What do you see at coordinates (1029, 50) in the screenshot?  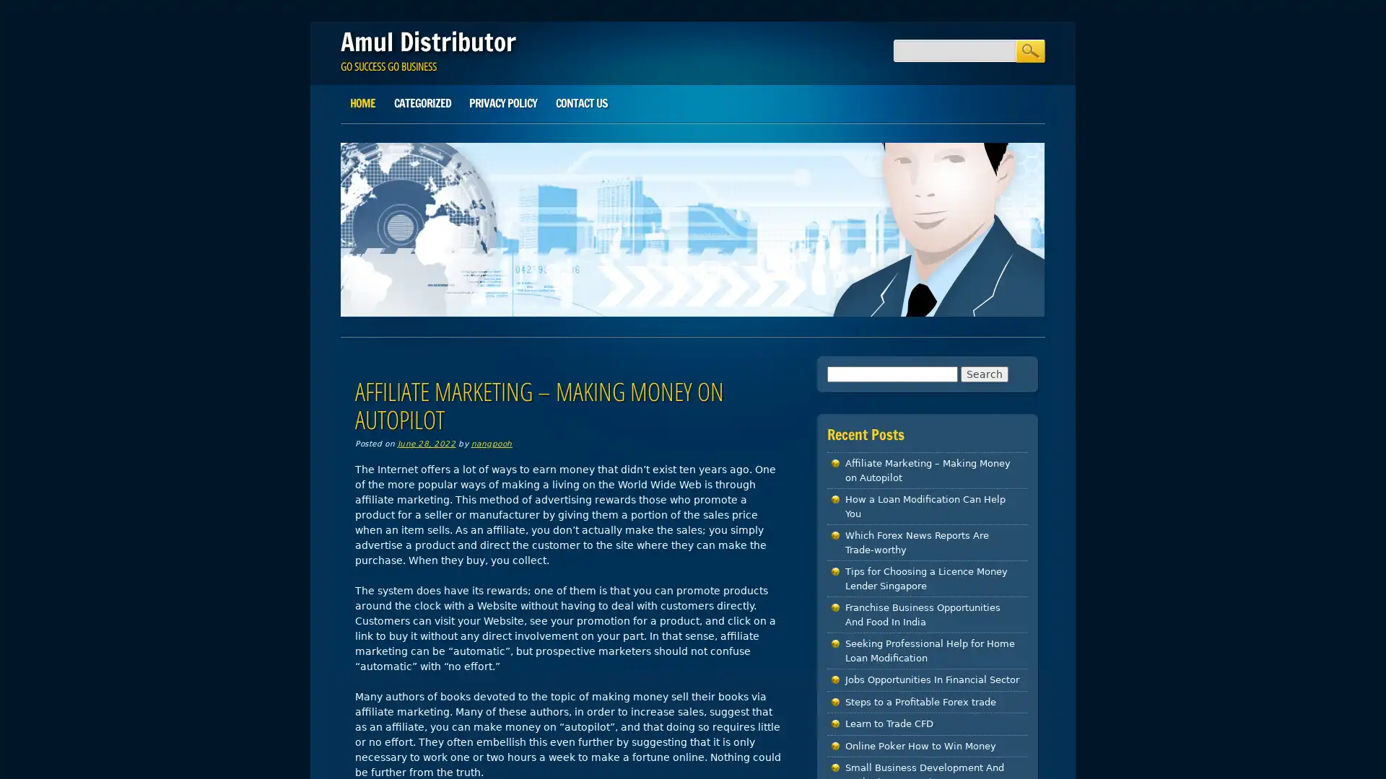 I see `Search` at bounding box center [1029, 50].